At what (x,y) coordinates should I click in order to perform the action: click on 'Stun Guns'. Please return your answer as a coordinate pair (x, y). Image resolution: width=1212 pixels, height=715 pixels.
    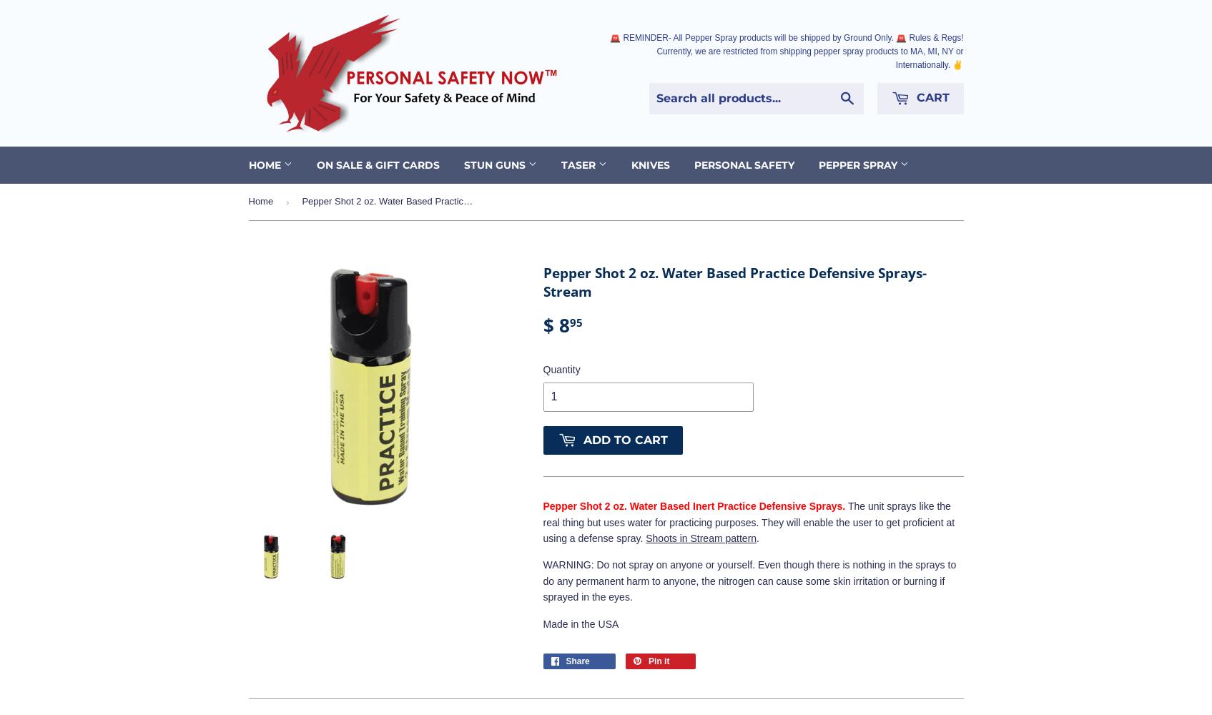
    Looking at the image, I should click on (495, 164).